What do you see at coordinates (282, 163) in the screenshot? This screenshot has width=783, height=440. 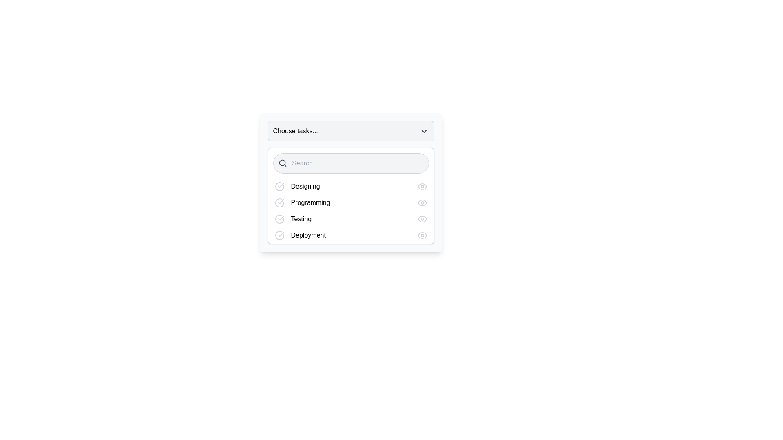 I see `the magnifying glass icon element that indicates the search functionality within the search area input, located to the left of the 'Choose tasks...' dropdown` at bounding box center [282, 163].